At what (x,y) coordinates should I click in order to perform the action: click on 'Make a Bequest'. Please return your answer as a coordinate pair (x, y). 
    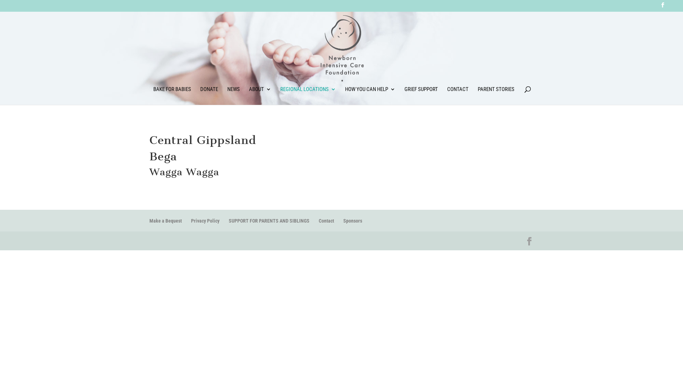
    Looking at the image, I should click on (165, 220).